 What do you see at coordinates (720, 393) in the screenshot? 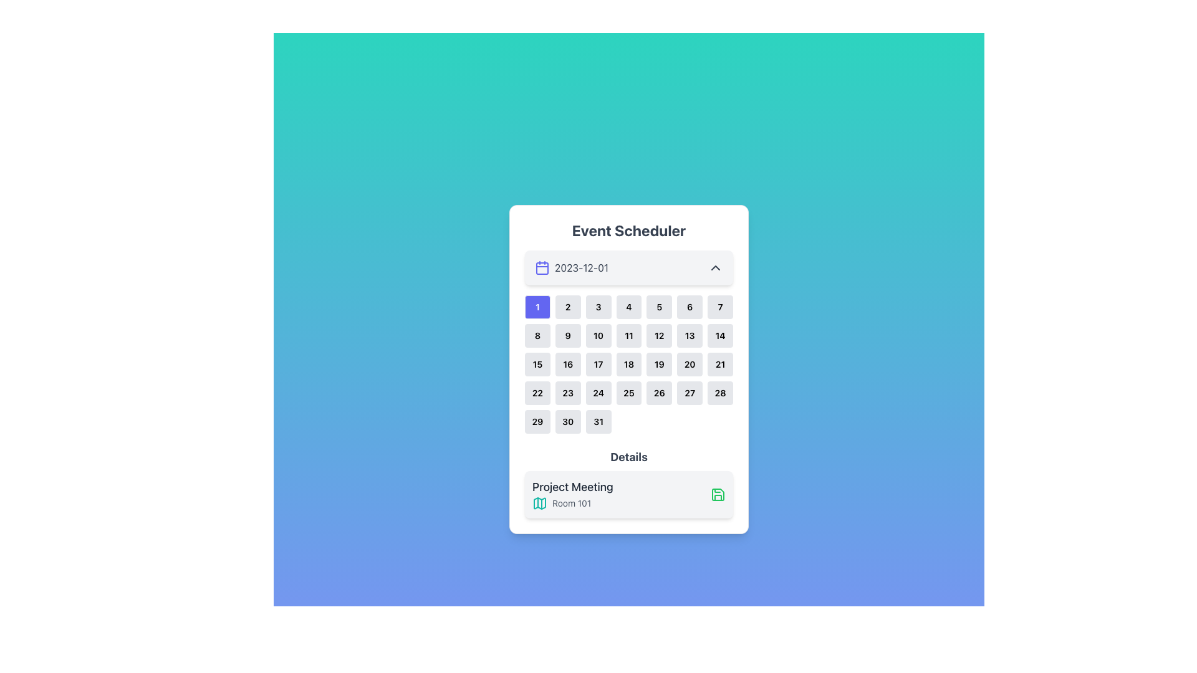
I see `the selectable date button located in the sixth row and seventh column of the calendar view under the 'Event Scheduler' header` at bounding box center [720, 393].